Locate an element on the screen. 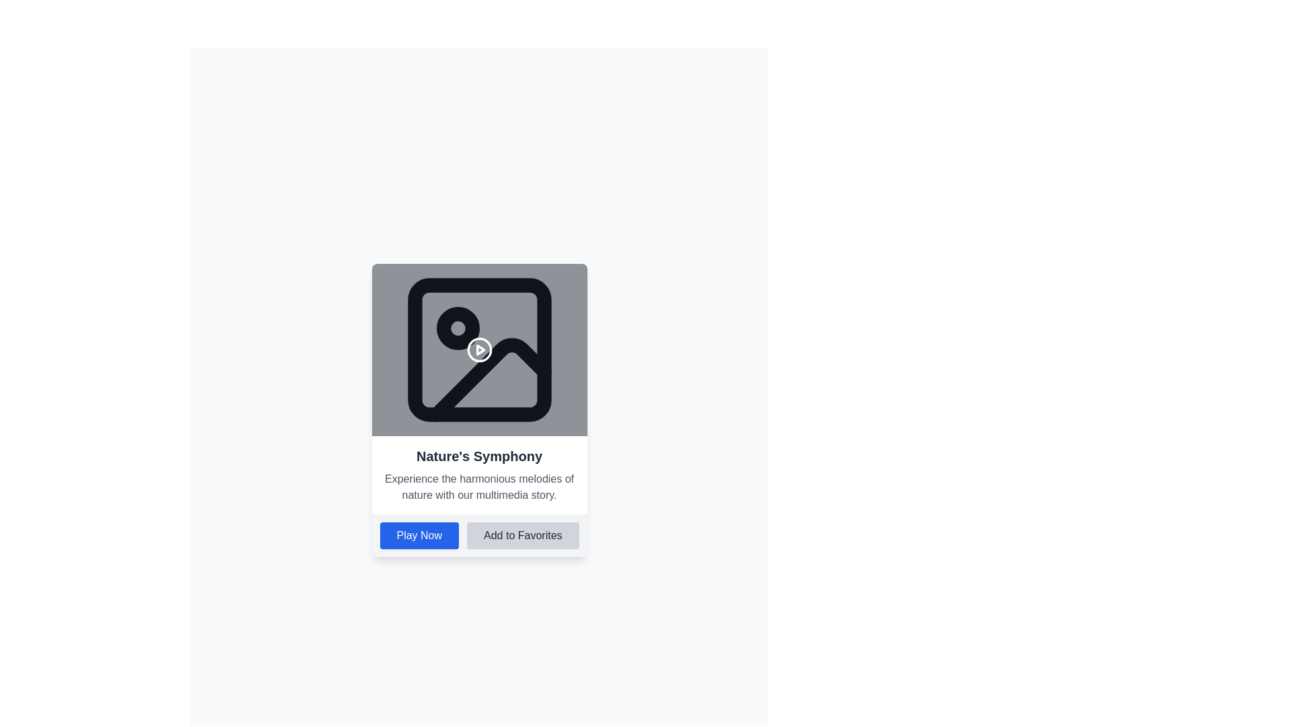  the Play Button located at the center of the image thumbnail on the card layout for keyboard interaction is located at coordinates (479, 349).